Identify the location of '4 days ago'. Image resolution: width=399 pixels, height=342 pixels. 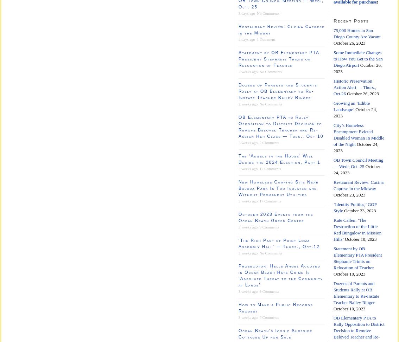
(238, 39).